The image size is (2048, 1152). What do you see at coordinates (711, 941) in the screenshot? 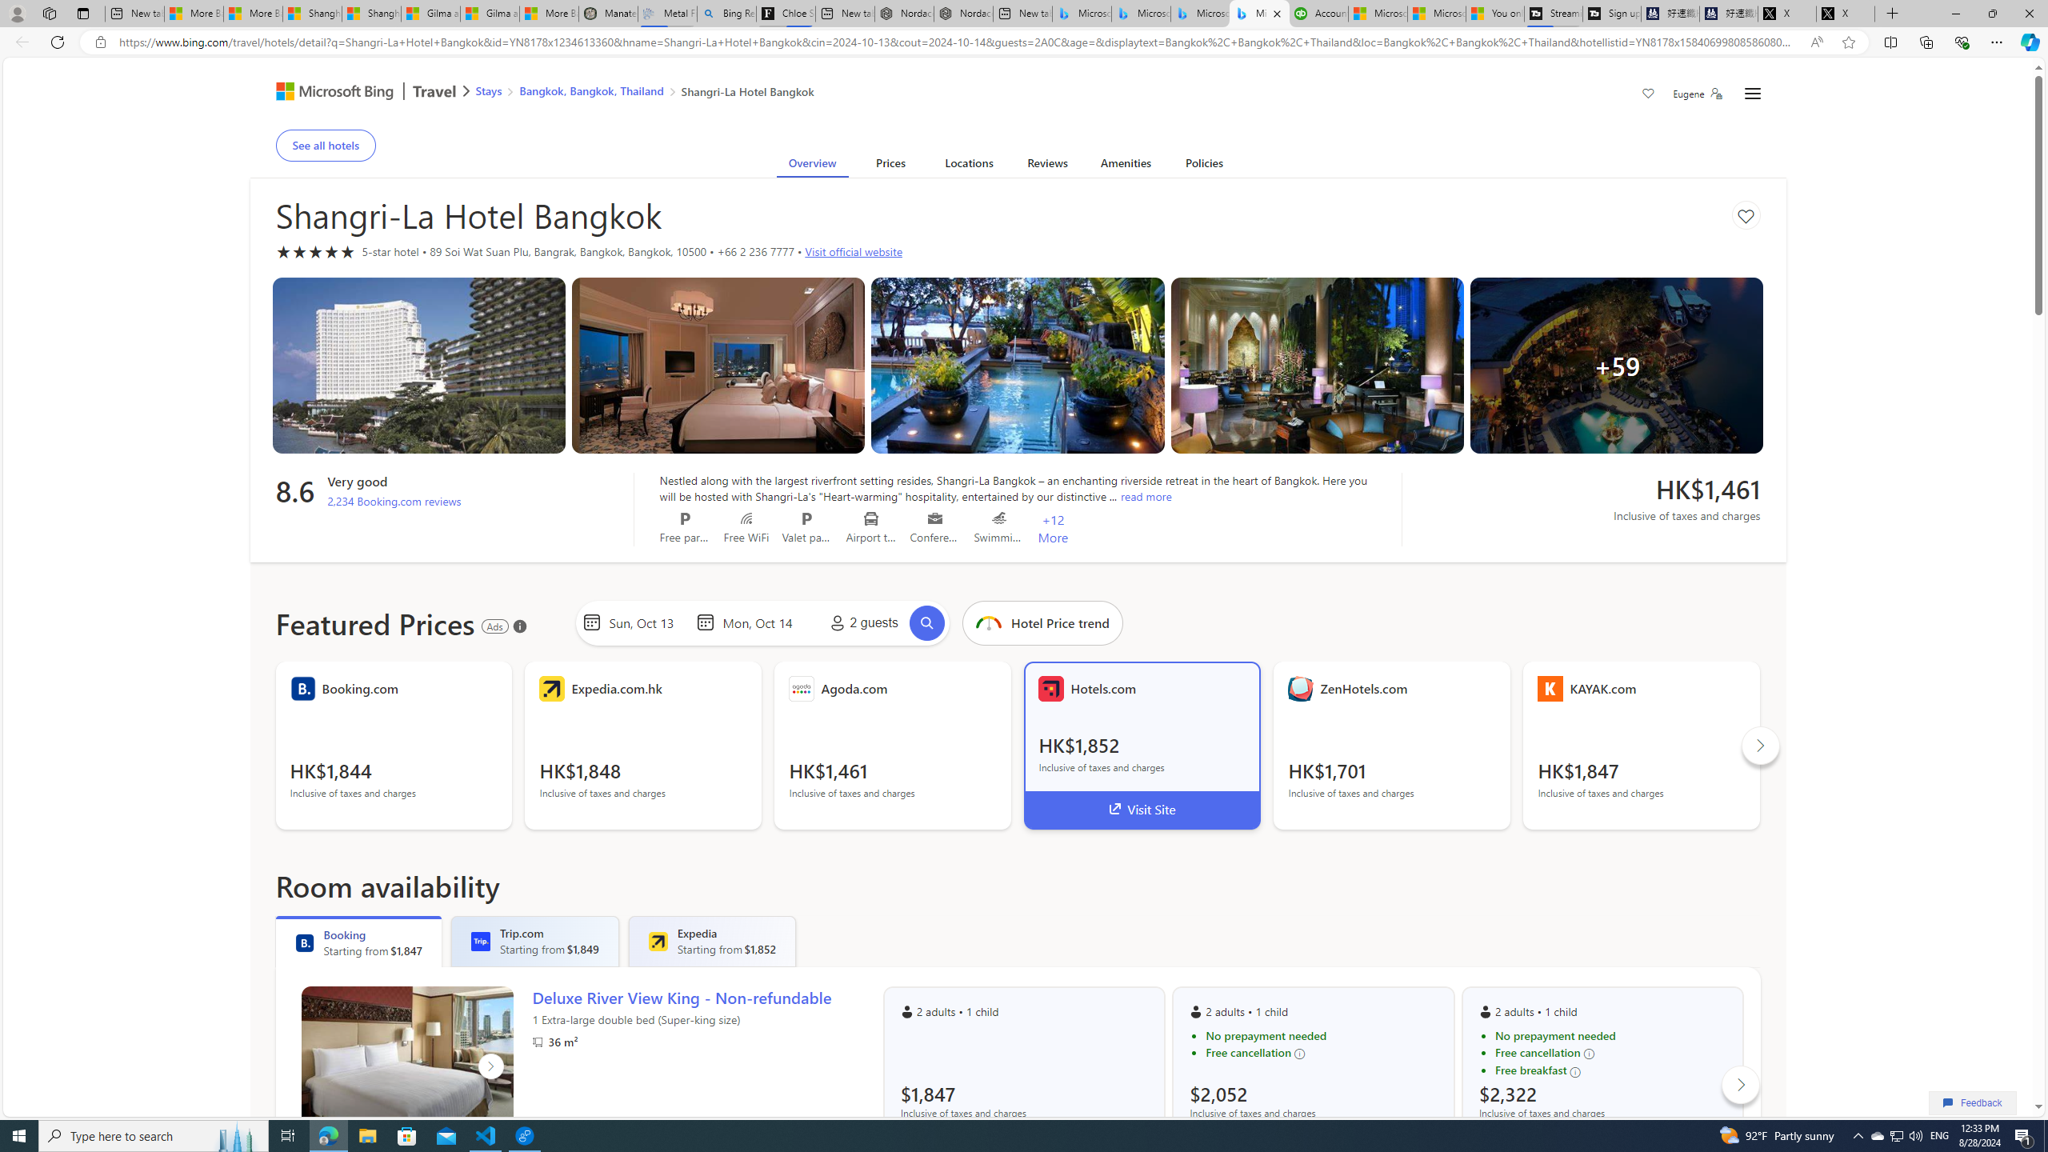
I see `'Expedia Expedia Starting from $1,852'` at bounding box center [711, 941].